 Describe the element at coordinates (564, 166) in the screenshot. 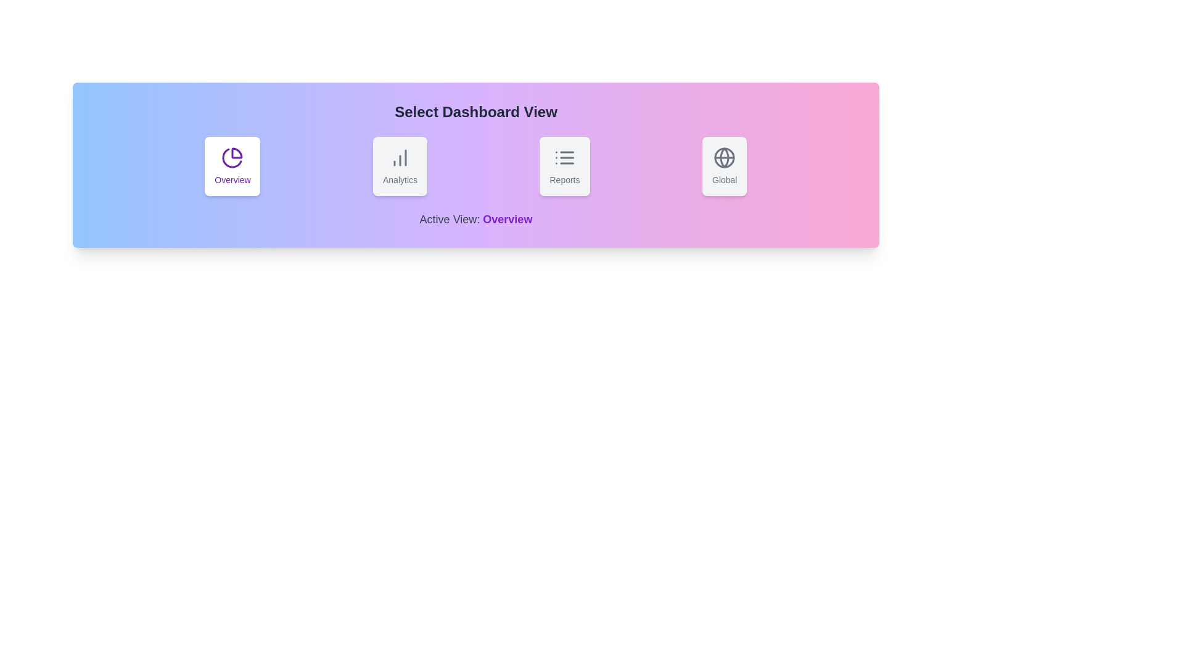

I see `the button labeled Reports to switch the active dashboard view` at that location.